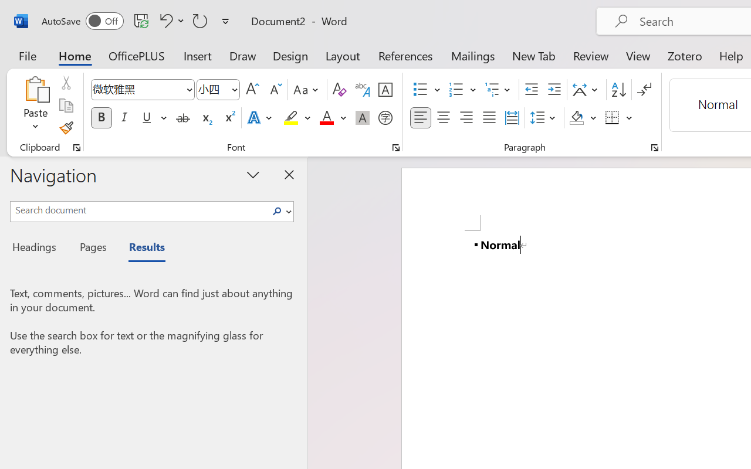 This screenshot has width=751, height=469. What do you see at coordinates (229, 118) in the screenshot?
I see `'Superscript'` at bounding box center [229, 118].